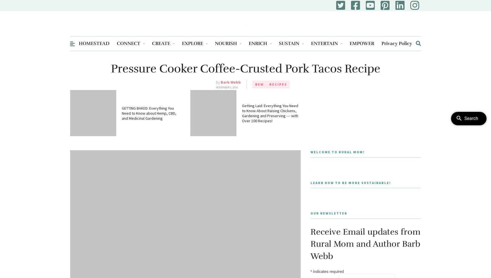 The width and height of the screenshot is (491, 278). I want to click on 'indicates required', so click(327, 271).